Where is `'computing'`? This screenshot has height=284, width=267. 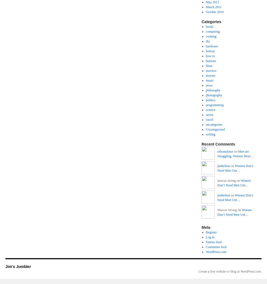 'computing' is located at coordinates (213, 31).